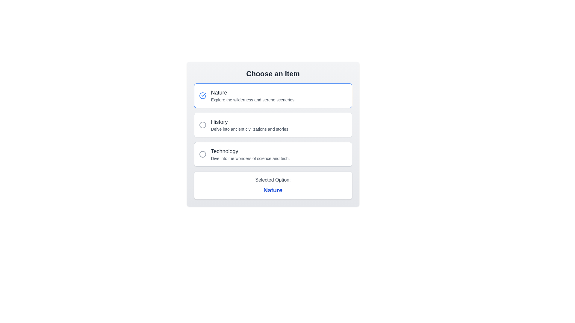 The width and height of the screenshot is (575, 323). What do you see at coordinates (250, 158) in the screenshot?
I see `the text label displaying 'Dive into the wonders of science and tech.' which is styled in a small, gray font and located beneath the 'Technology' option in the selectable item list` at bounding box center [250, 158].